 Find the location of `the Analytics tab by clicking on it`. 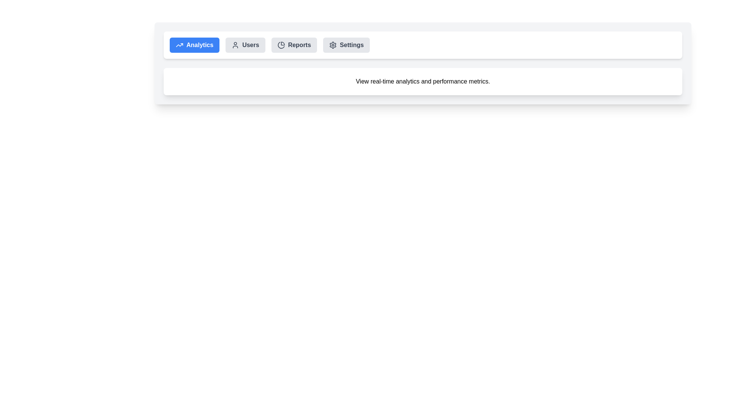

the Analytics tab by clicking on it is located at coordinates (194, 45).